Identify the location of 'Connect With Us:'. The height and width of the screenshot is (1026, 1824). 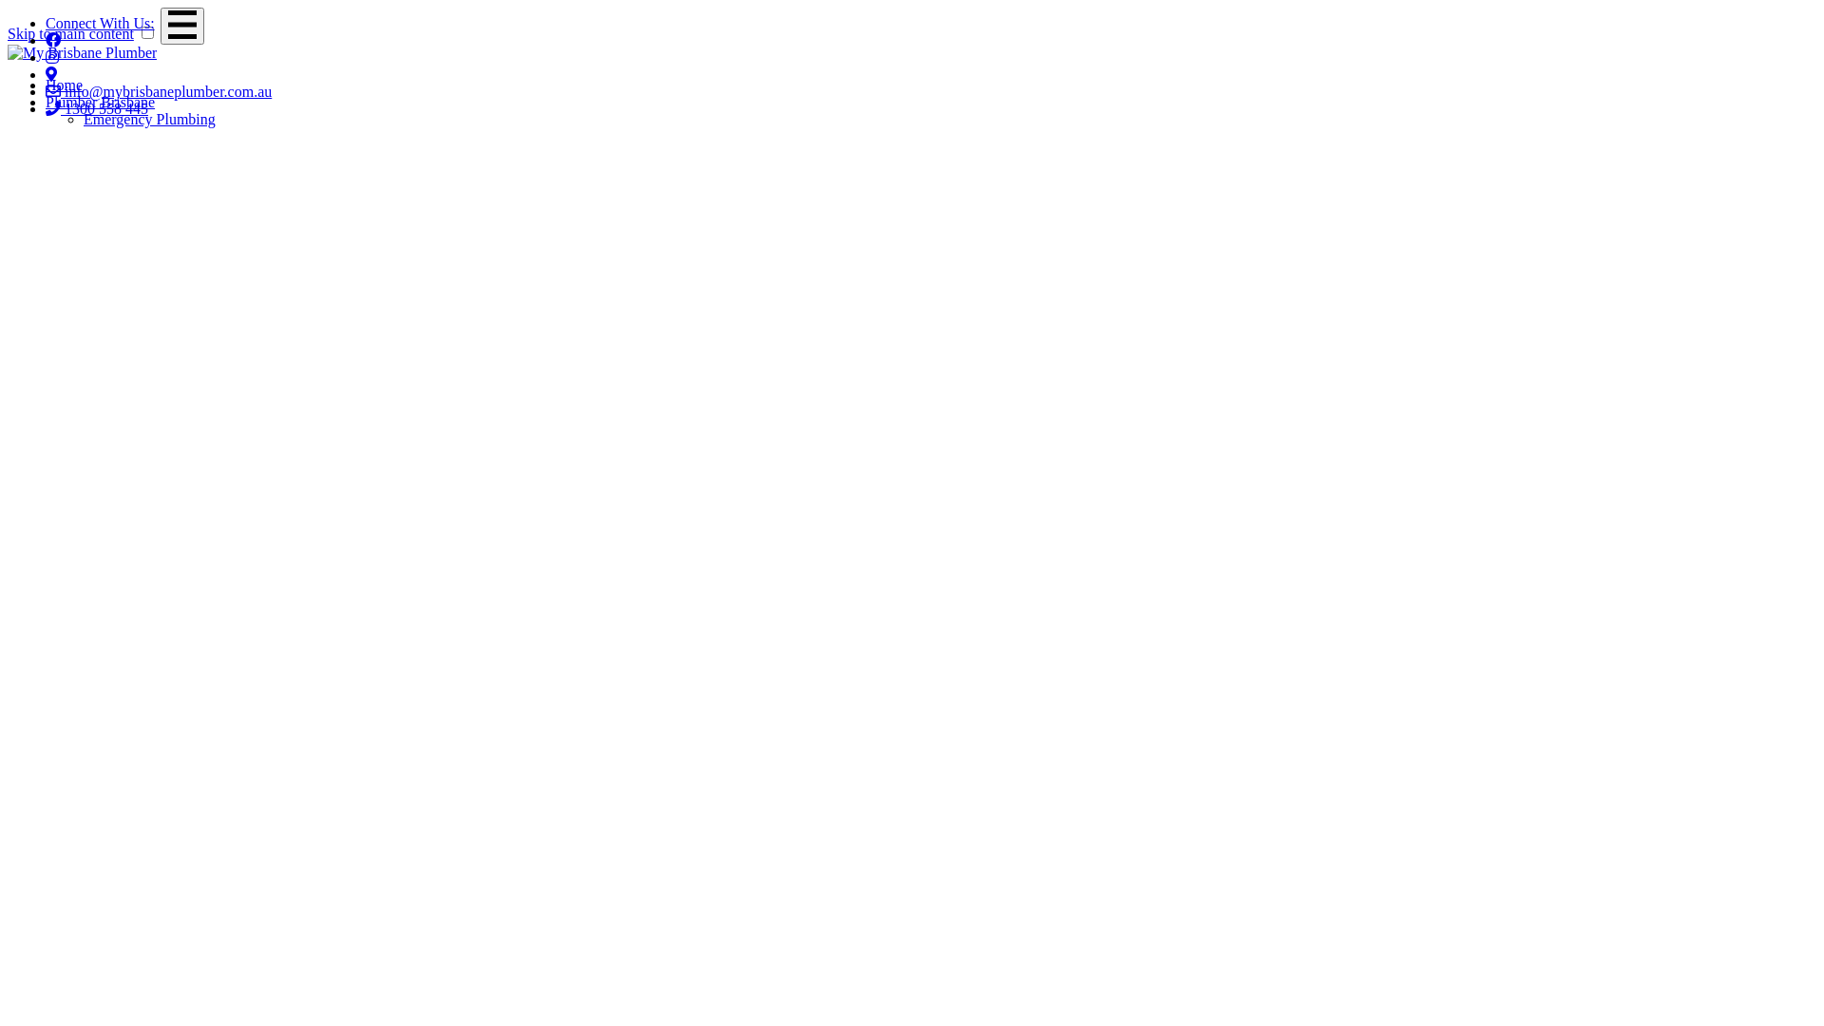
(46, 23).